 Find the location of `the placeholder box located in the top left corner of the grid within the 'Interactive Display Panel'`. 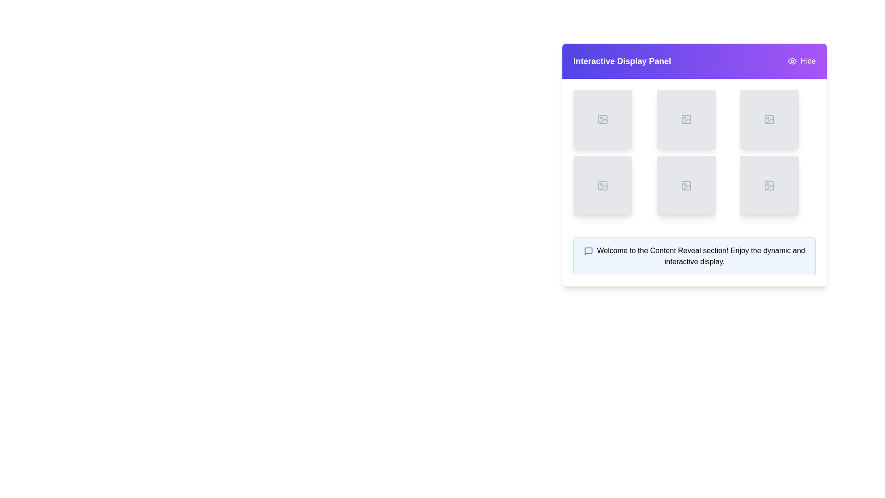

the placeholder box located in the top left corner of the grid within the 'Interactive Display Panel' is located at coordinates (603, 119).